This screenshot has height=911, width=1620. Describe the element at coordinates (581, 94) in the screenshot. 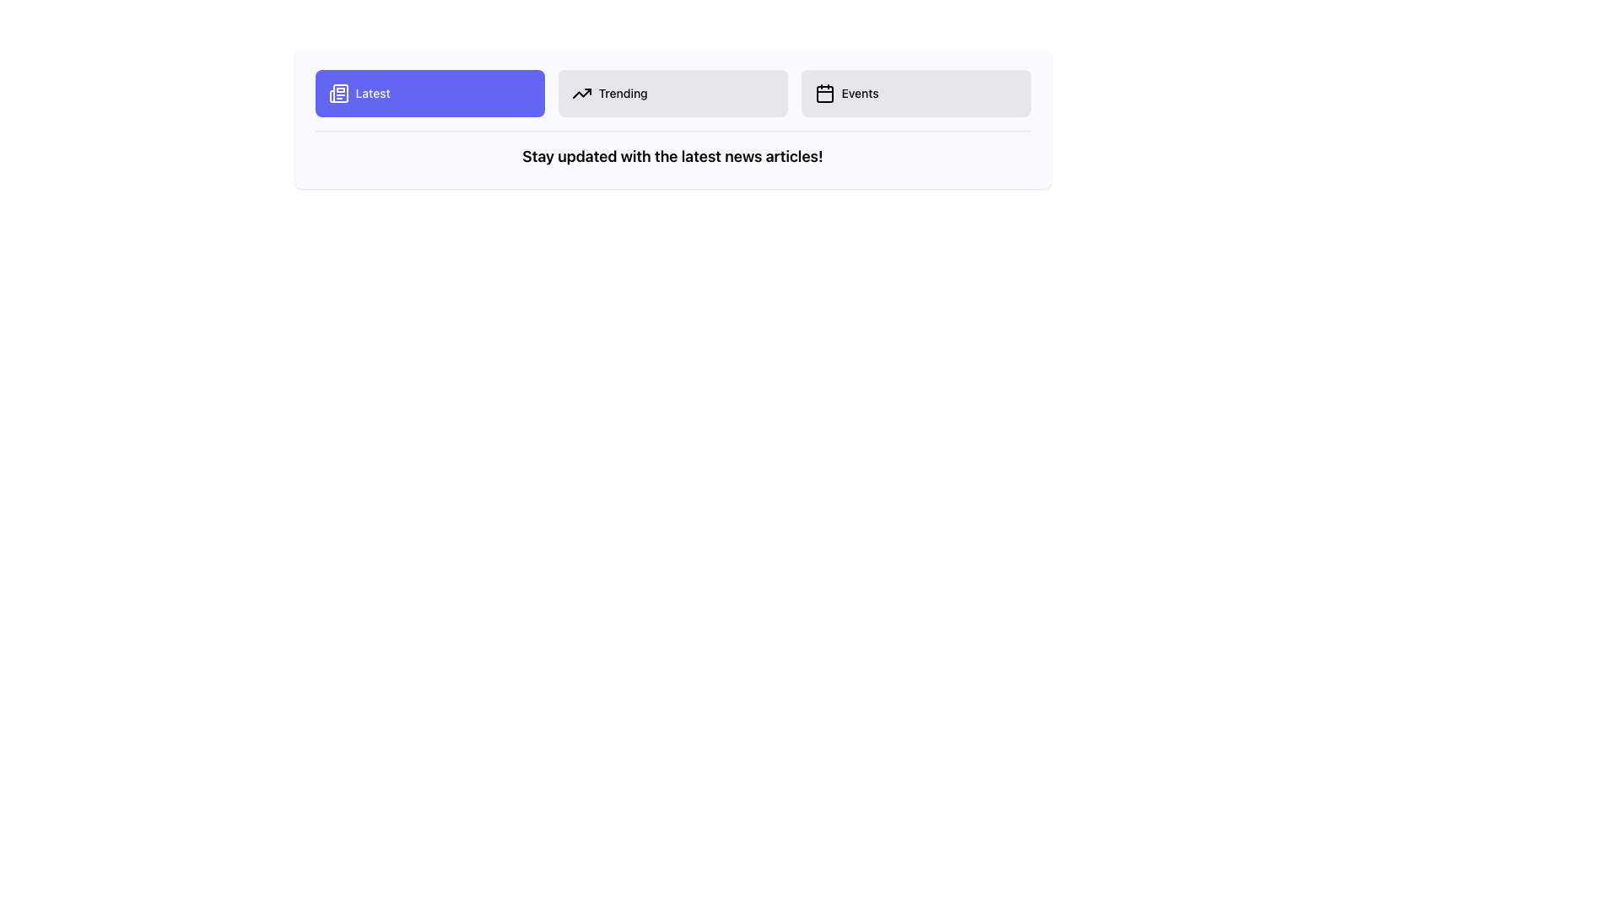

I see `the 'Trending' icon positioned to the left of the 'Trending' label inside a rounded rectangular button` at that location.